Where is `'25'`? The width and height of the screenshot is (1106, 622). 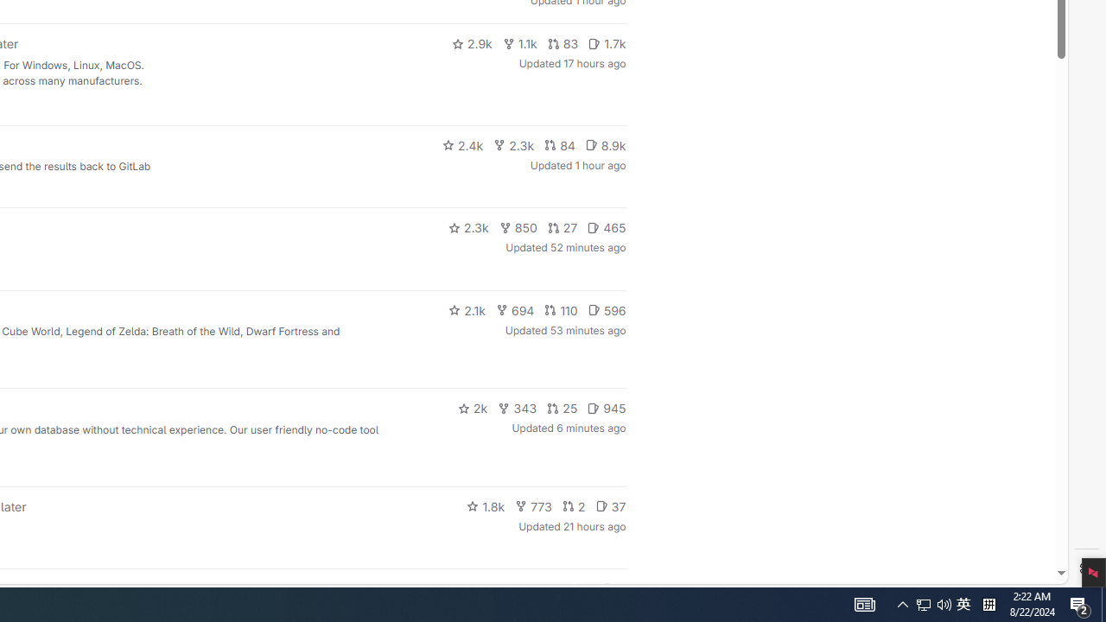 '25' is located at coordinates (563, 409).